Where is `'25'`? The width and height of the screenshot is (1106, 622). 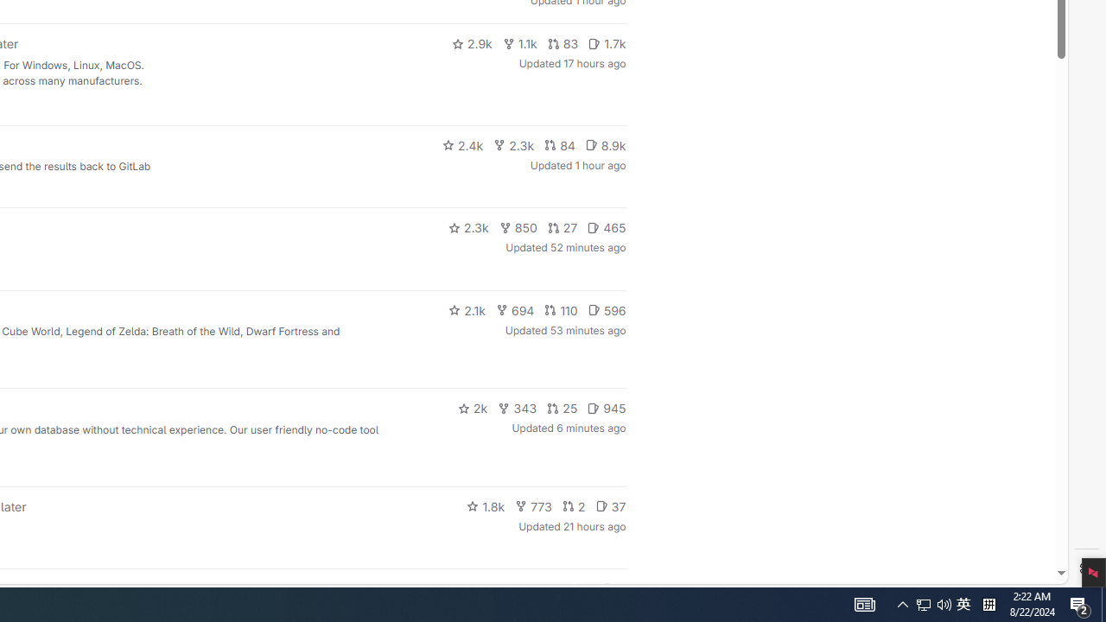 '25' is located at coordinates (563, 409).